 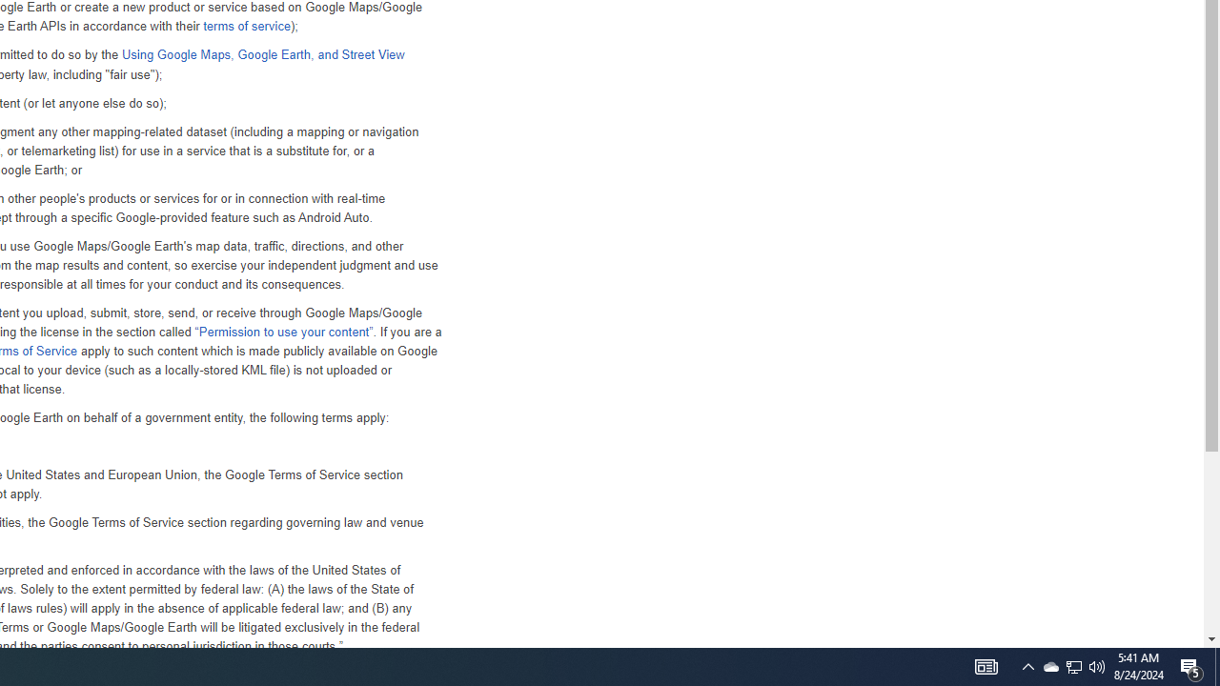 What do you see at coordinates (245, 27) in the screenshot?
I see `'terms of service'` at bounding box center [245, 27].